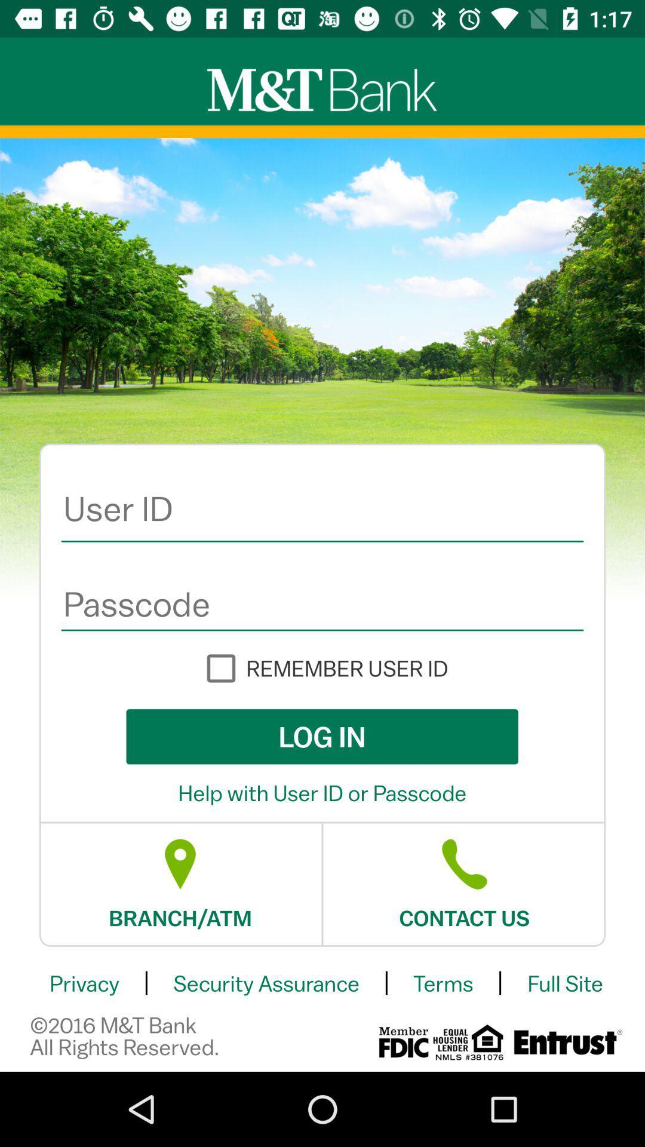 The height and width of the screenshot is (1147, 645). Describe the element at coordinates (321, 736) in the screenshot. I see `the log in icon` at that location.